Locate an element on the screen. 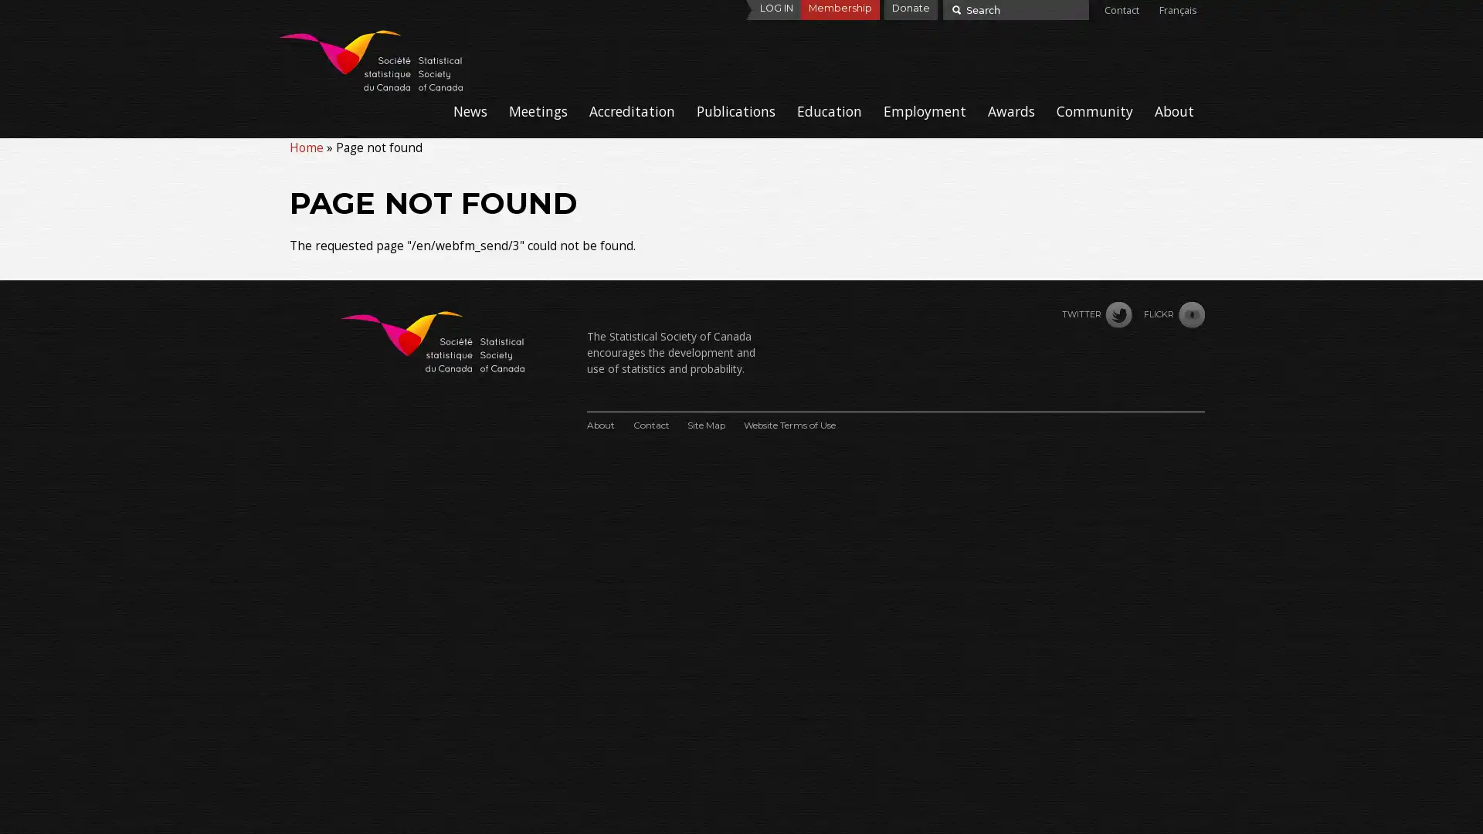 This screenshot has width=1483, height=834. Search is located at coordinates (954, 8).